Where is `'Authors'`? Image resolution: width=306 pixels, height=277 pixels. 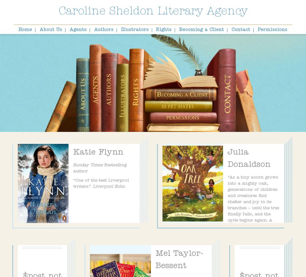
'Authors' is located at coordinates (103, 30).